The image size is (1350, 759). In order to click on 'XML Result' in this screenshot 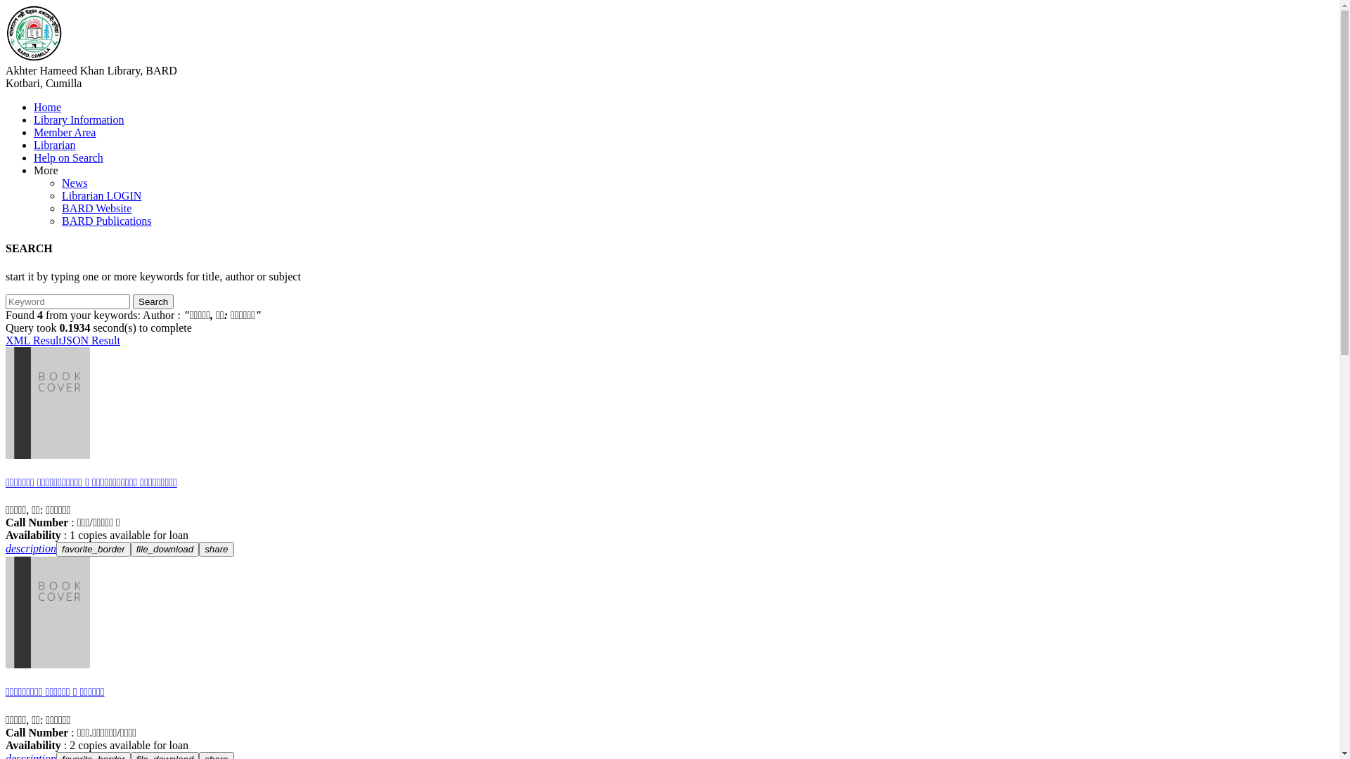, I will do `click(34, 340)`.